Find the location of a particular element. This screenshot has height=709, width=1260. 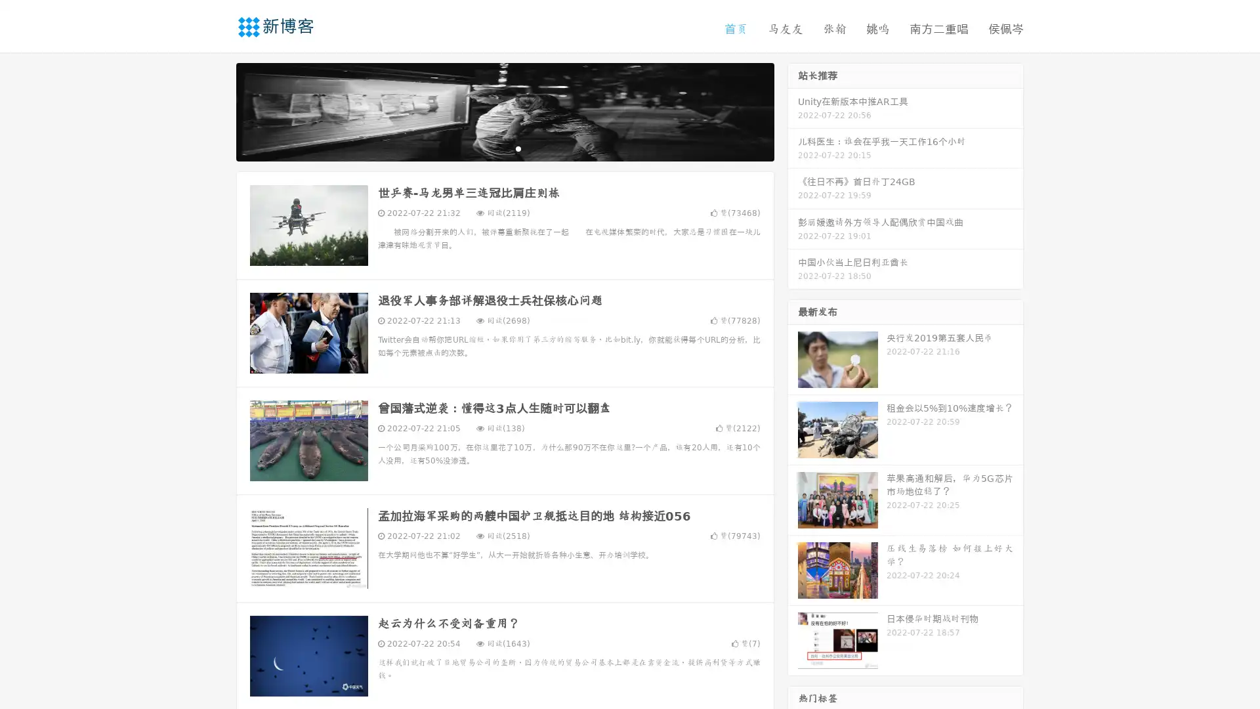

Go to slide 1 is located at coordinates (491, 148).